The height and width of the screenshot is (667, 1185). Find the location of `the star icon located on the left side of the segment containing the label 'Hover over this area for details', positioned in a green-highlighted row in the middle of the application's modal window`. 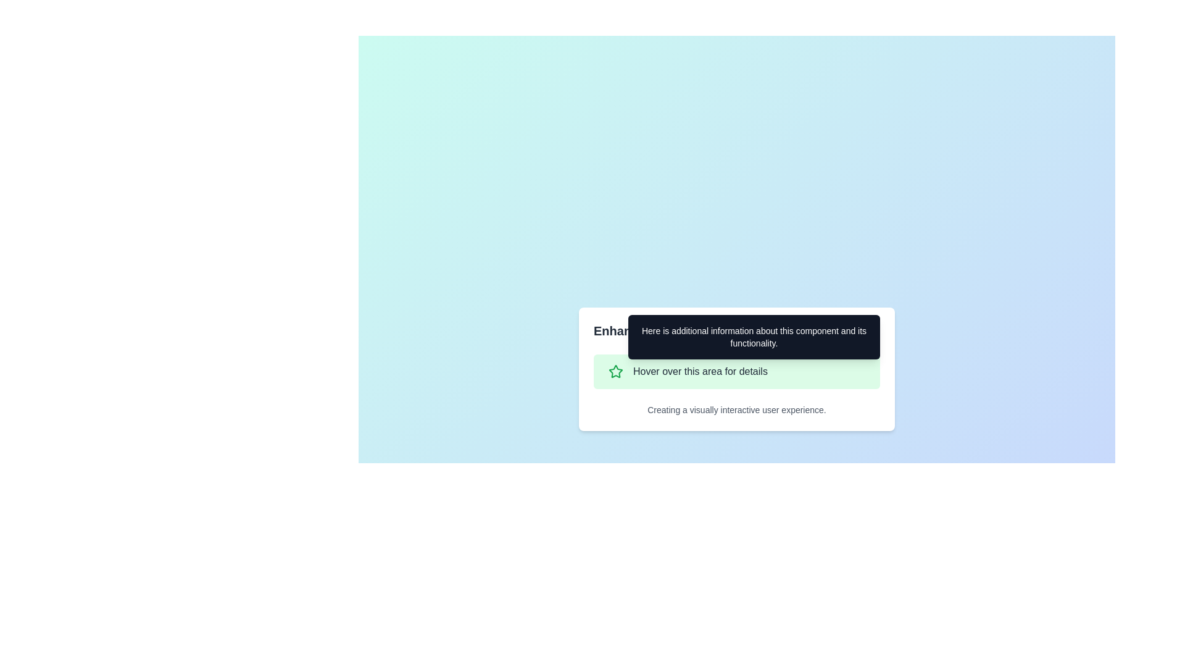

the star icon located on the left side of the segment containing the label 'Hover over this area for details', positioned in a green-highlighted row in the middle of the application's modal window is located at coordinates (616, 371).